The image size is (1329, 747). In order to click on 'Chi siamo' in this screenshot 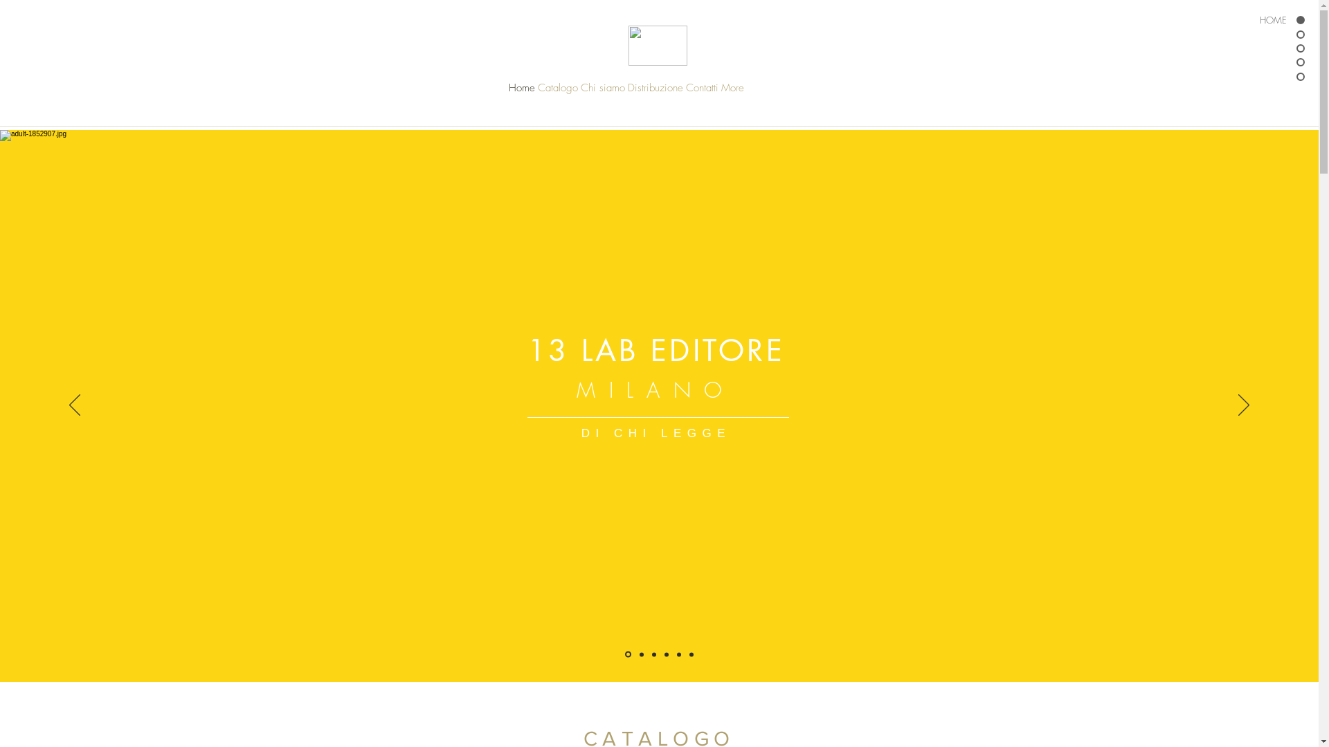, I will do `click(602, 91)`.